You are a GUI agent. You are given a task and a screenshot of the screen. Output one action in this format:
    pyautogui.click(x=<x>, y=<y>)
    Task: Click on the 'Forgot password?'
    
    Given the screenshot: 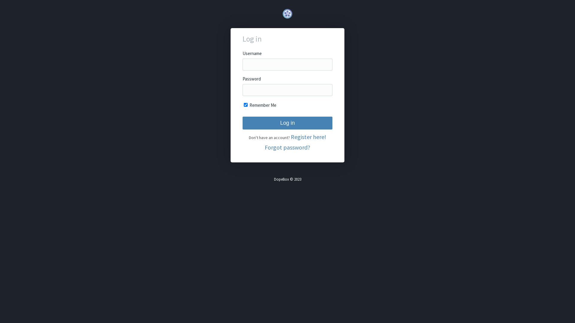 What is the action you would take?
    pyautogui.click(x=287, y=147)
    